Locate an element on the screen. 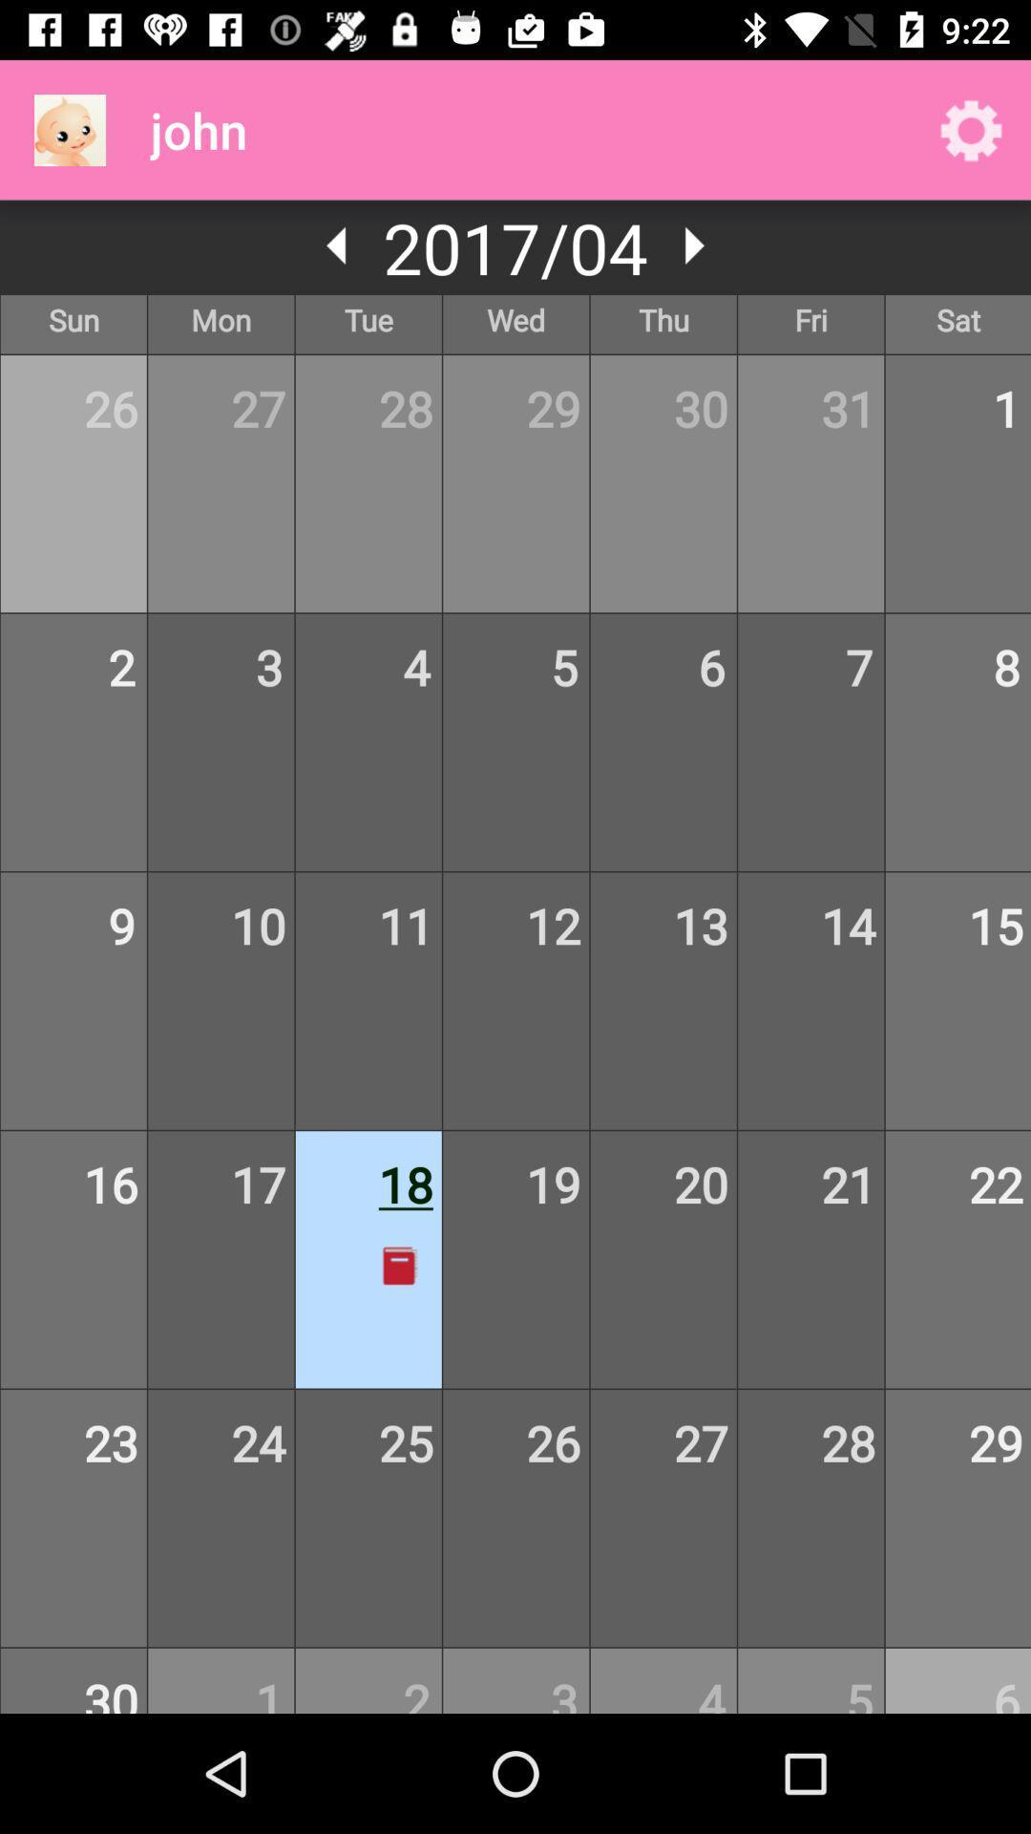  the play icon is located at coordinates (692, 245).